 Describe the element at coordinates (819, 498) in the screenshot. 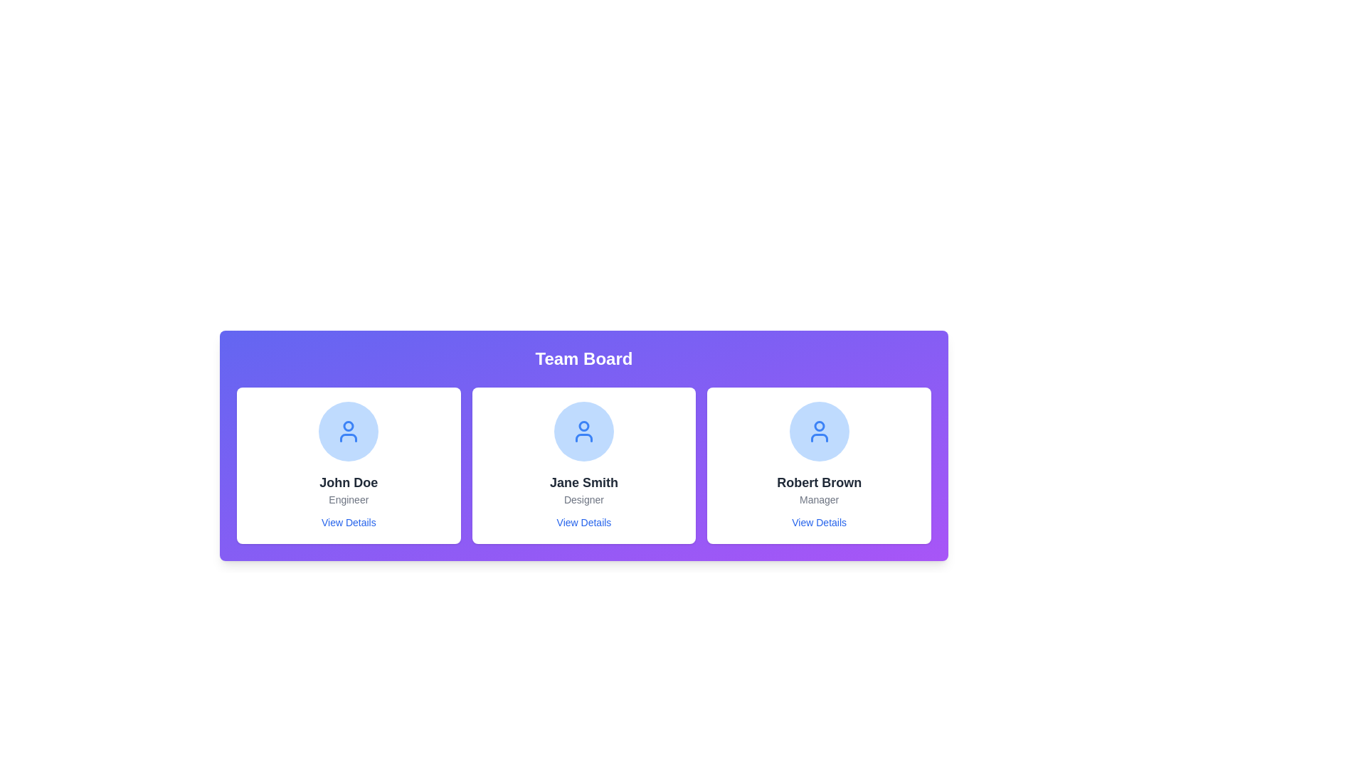

I see `the text label displaying 'Manager', styled in gray color and located below 'Robert Brown'` at that location.